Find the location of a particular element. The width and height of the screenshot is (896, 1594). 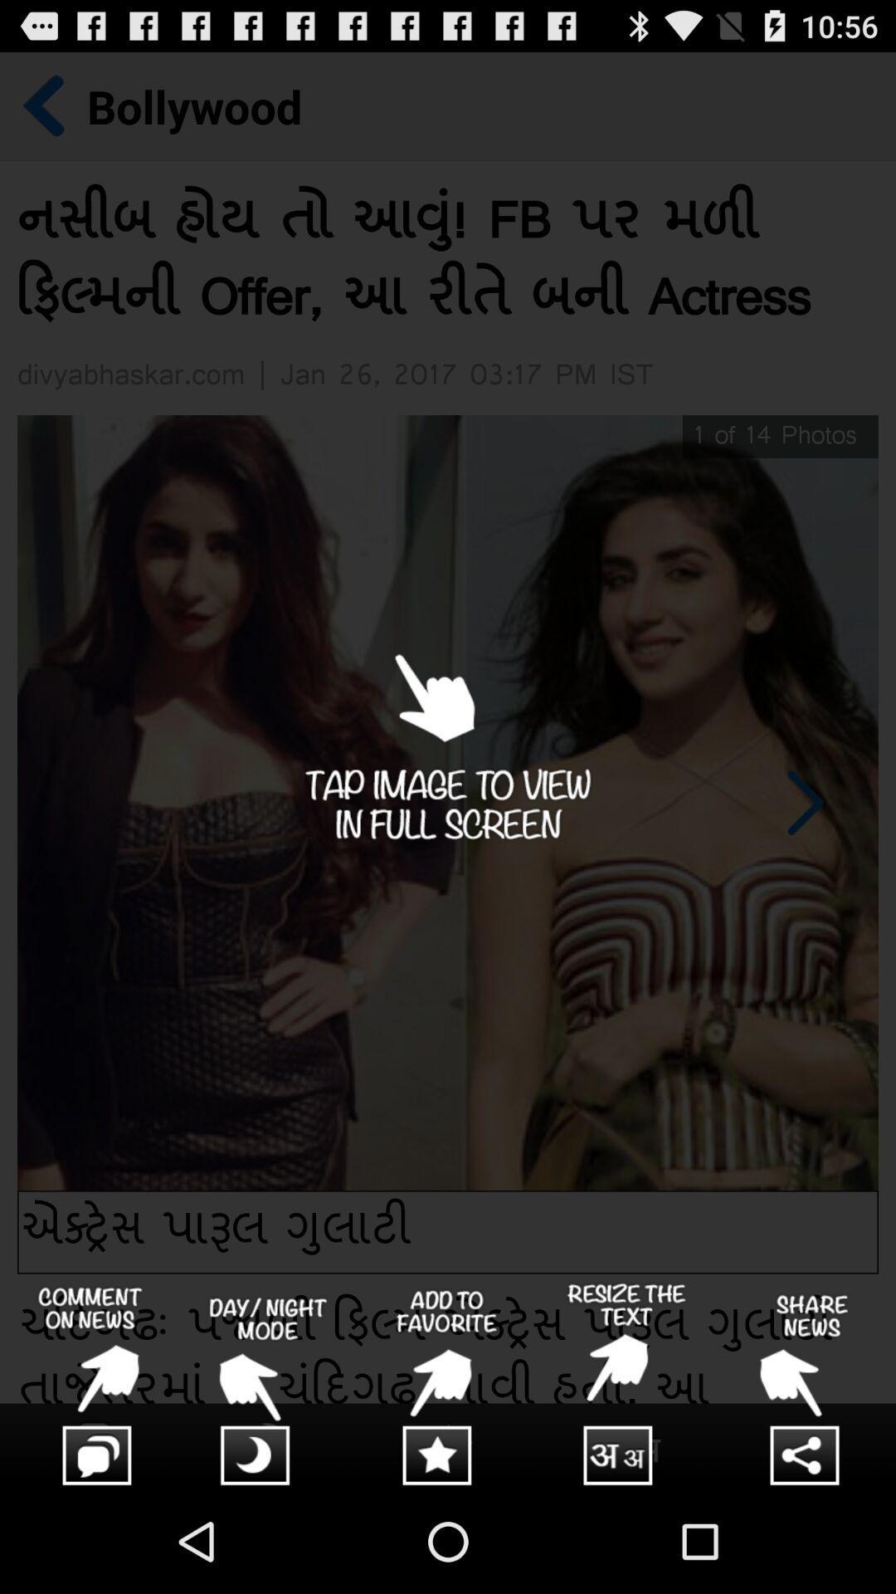

message is located at coordinates (90, 1386).